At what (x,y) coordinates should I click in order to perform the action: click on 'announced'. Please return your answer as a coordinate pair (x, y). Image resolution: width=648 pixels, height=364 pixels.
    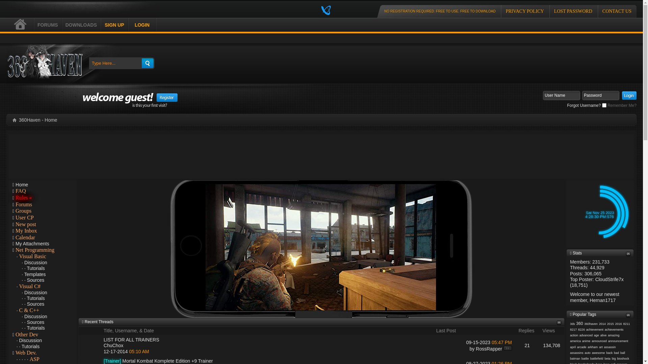
    Looking at the image, I should click on (599, 341).